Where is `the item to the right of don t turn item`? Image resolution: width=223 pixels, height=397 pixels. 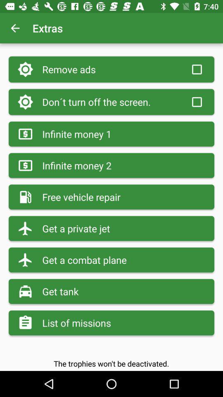
the item to the right of don t turn item is located at coordinates (196, 101).